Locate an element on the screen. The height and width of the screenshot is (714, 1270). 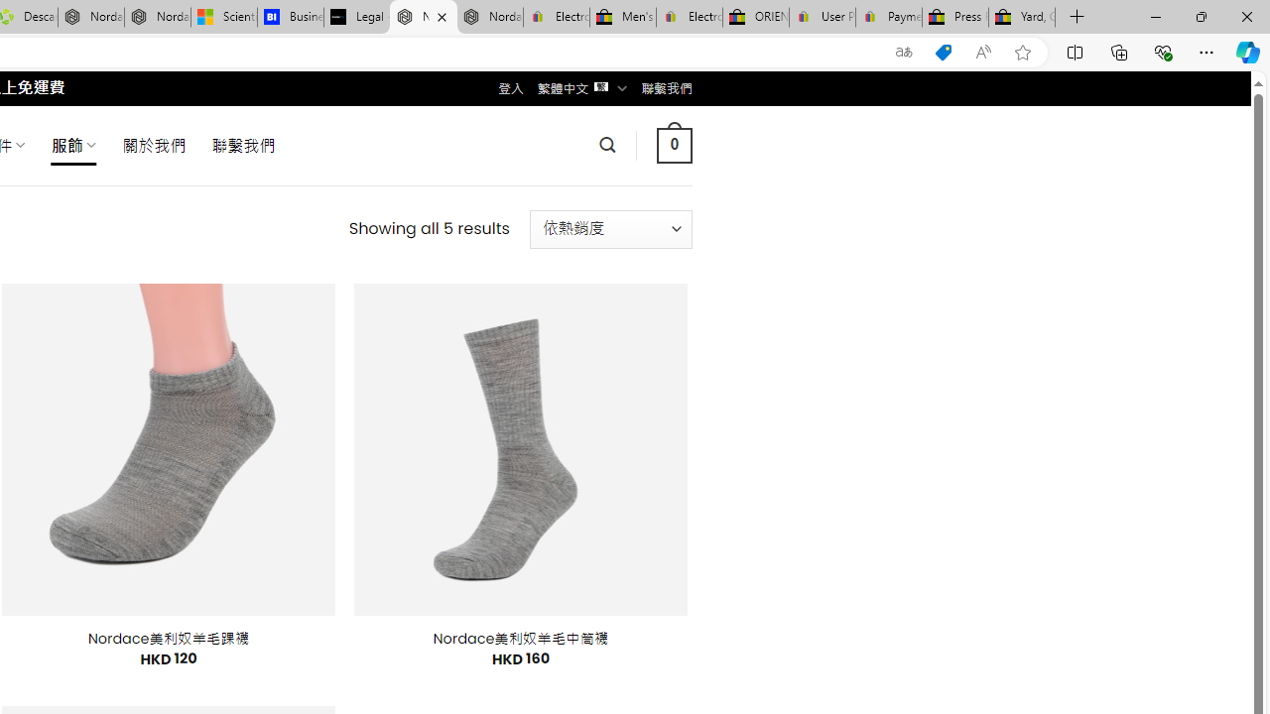
' 0 ' is located at coordinates (674, 144).